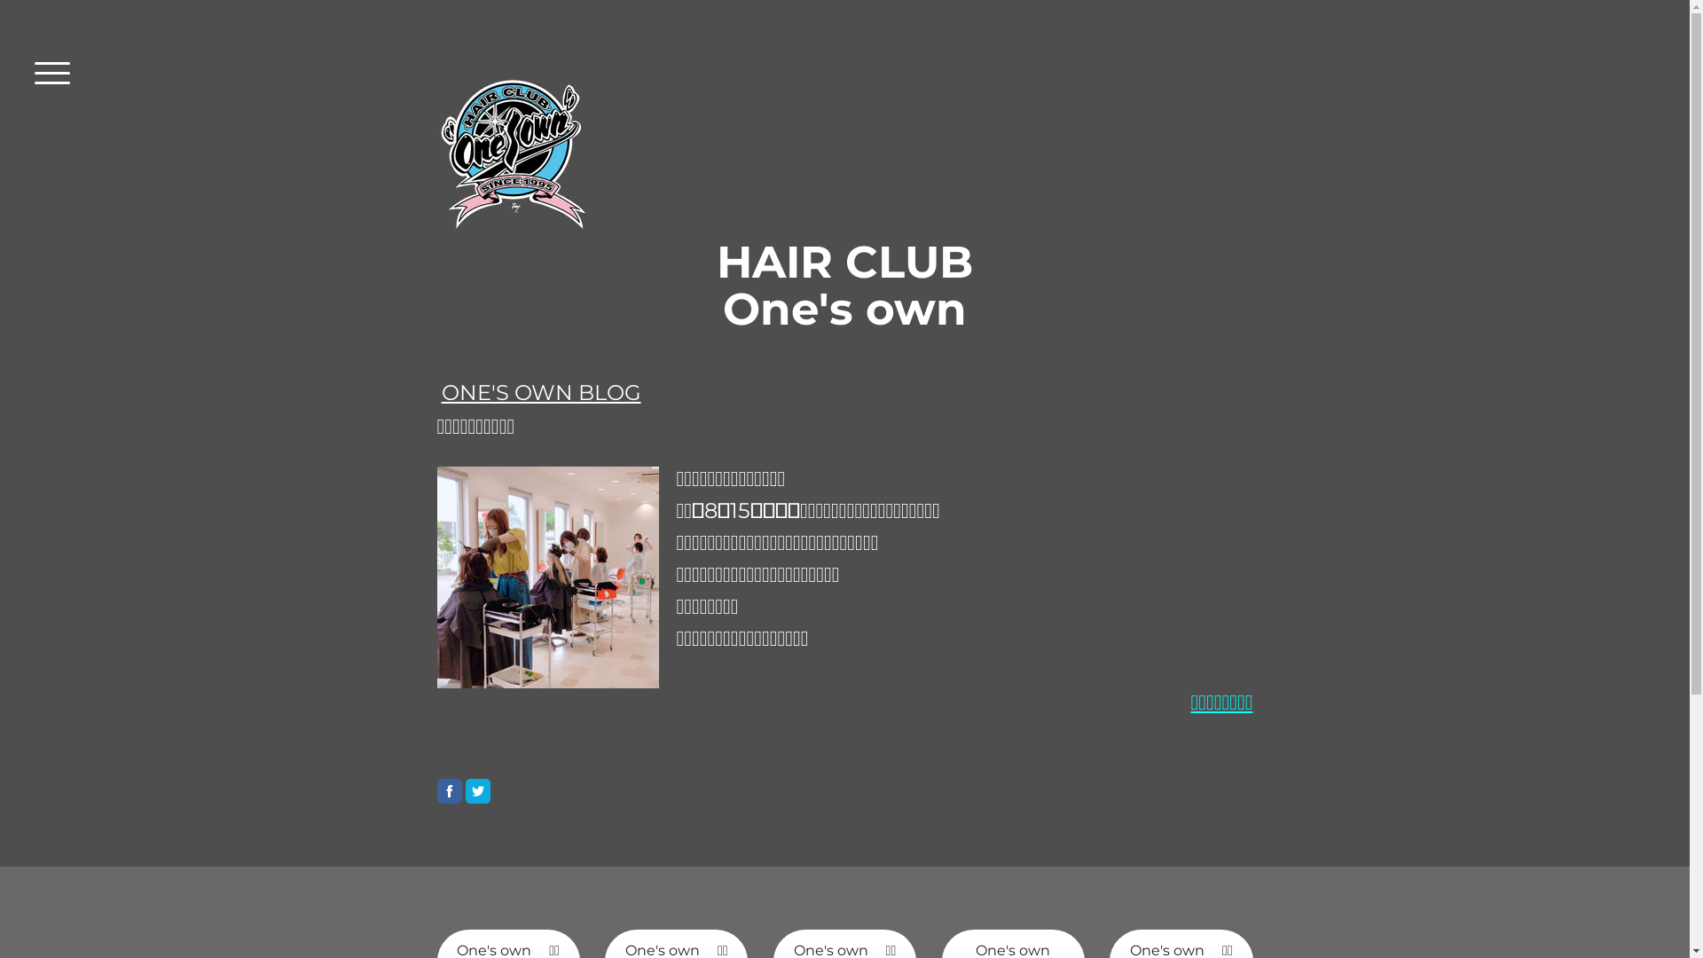  Describe the element at coordinates (540, 391) in the screenshot. I see `'ONE'S OWN BLOG'` at that location.